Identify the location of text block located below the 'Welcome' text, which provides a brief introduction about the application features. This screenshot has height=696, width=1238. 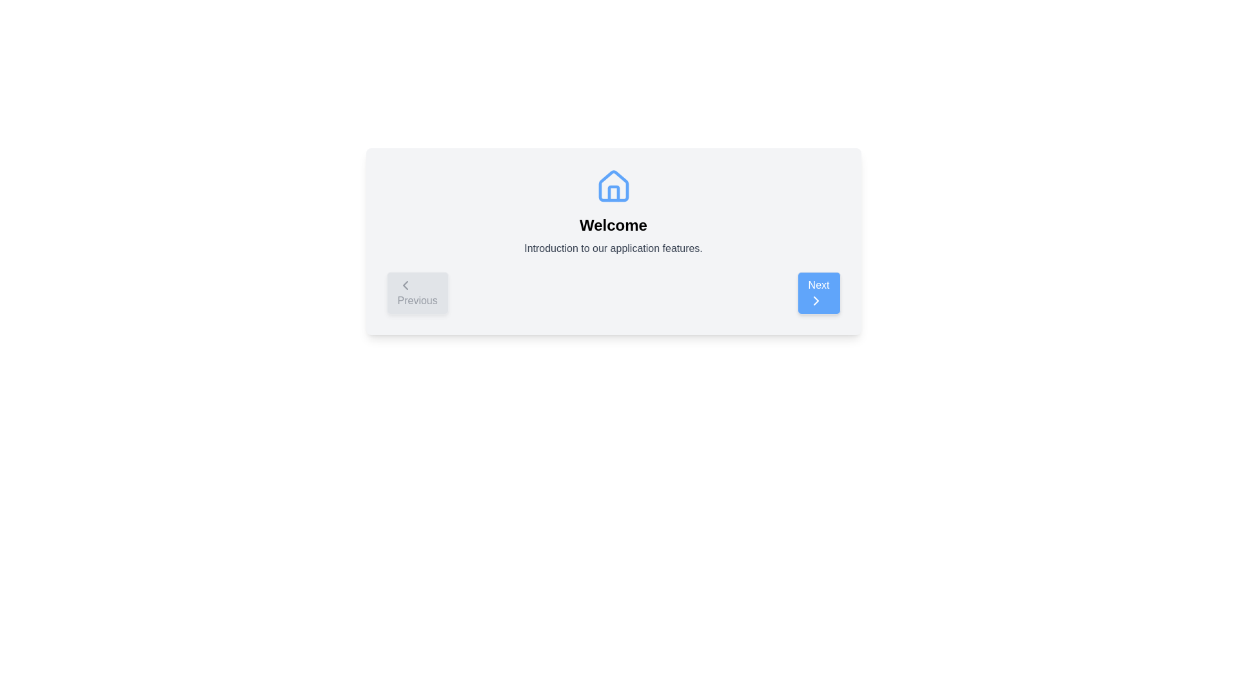
(613, 248).